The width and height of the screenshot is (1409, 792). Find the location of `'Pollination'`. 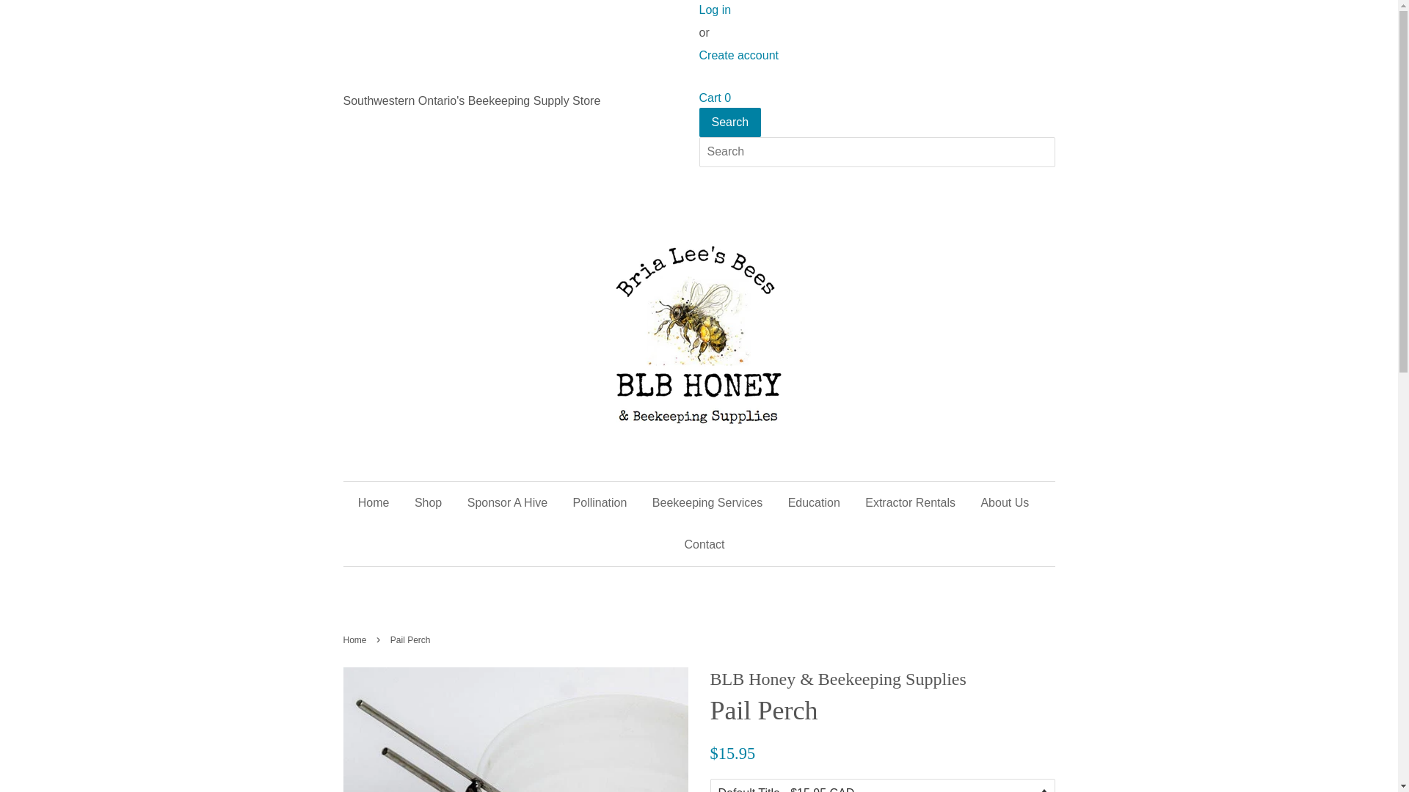

'Pollination' is located at coordinates (600, 502).